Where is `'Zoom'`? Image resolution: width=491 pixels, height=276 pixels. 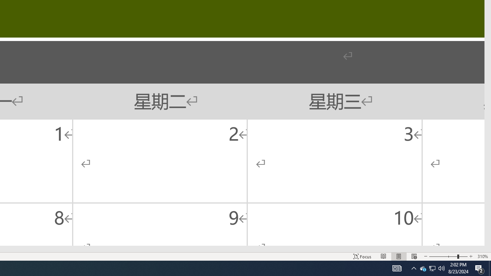
'Zoom' is located at coordinates (448, 256).